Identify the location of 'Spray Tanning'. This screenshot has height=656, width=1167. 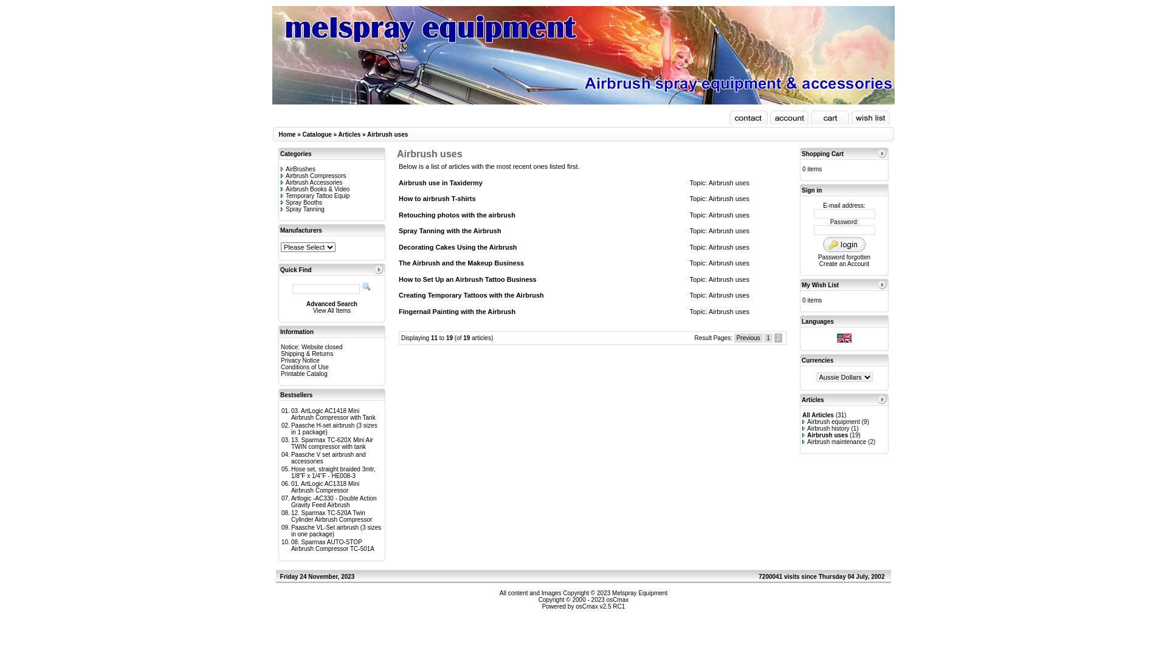
(280, 208).